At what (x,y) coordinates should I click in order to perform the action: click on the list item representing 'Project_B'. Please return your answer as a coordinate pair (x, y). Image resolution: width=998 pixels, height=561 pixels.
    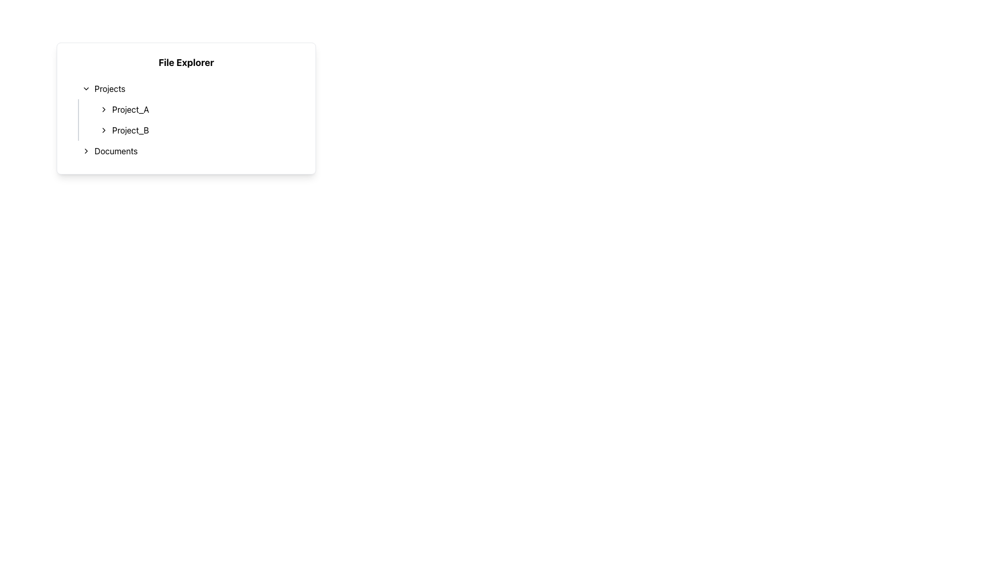
    Looking at the image, I should click on (195, 129).